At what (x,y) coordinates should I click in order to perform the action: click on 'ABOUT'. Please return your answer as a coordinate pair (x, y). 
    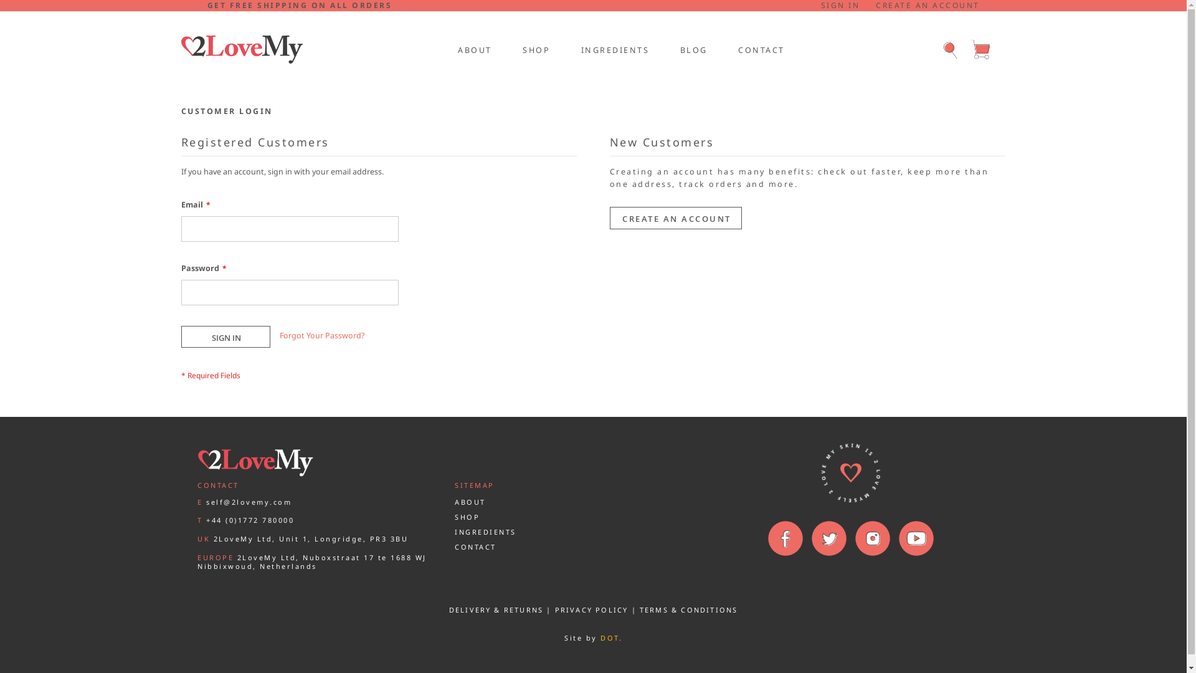
    Looking at the image, I should click on (473, 48).